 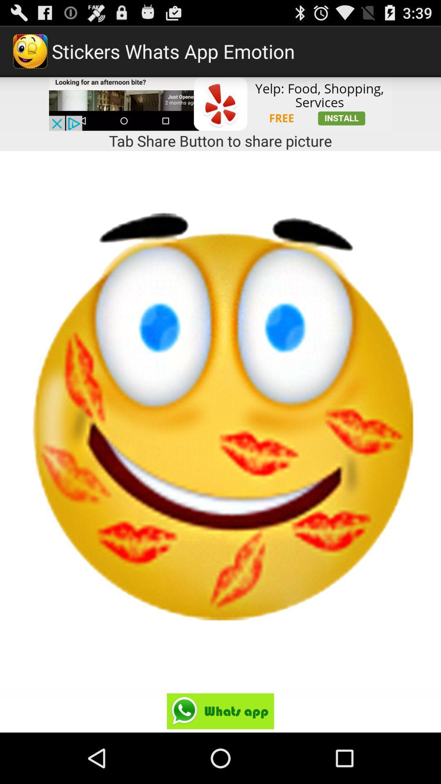 What do you see at coordinates (220, 710) in the screenshot?
I see `share on whatsapp` at bounding box center [220, 710].